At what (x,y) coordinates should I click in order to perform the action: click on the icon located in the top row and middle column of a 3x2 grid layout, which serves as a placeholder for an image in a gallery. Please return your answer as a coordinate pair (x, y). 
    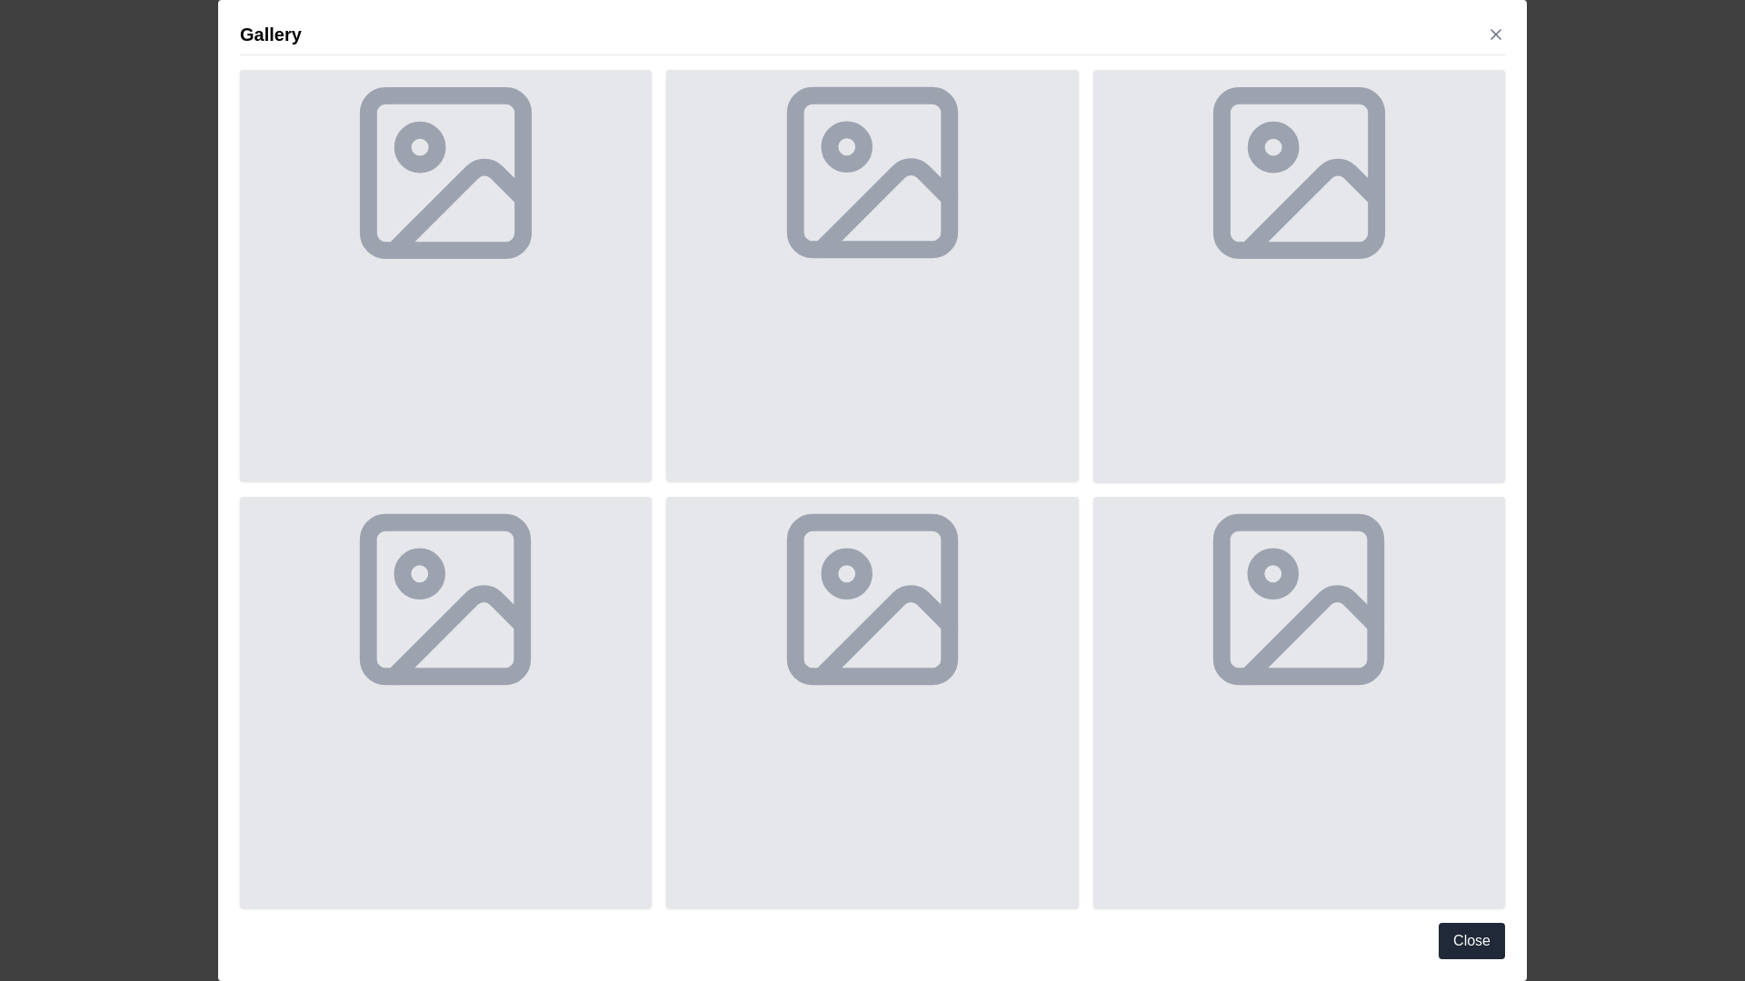
    Looking at the image, I should click on (872, 173).